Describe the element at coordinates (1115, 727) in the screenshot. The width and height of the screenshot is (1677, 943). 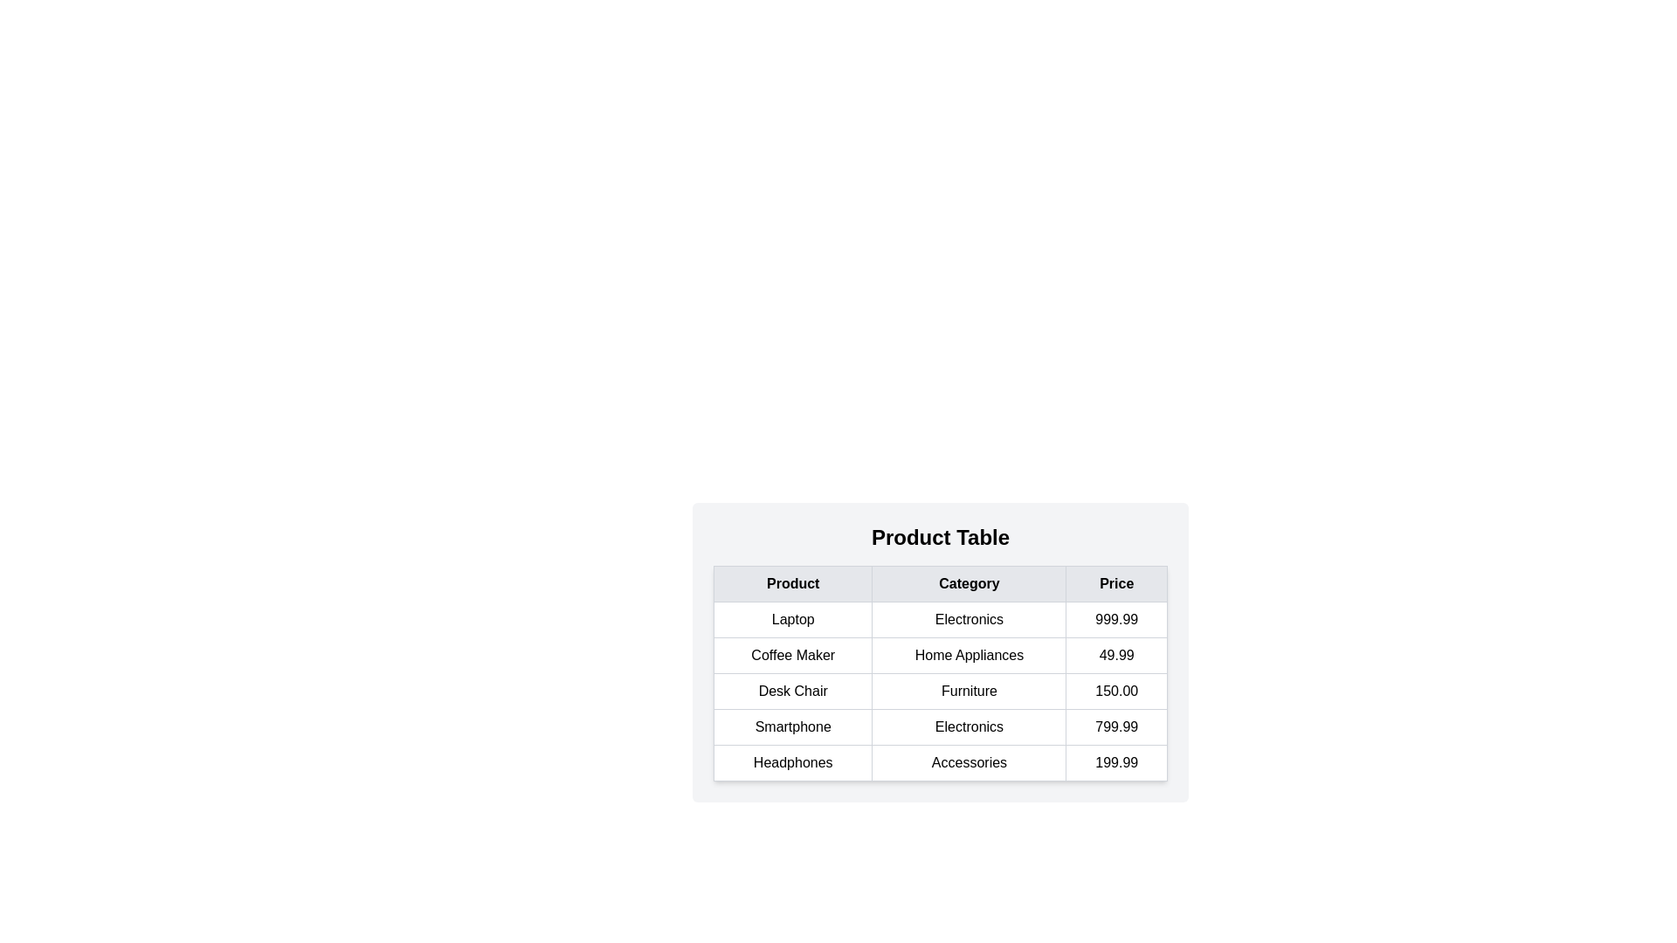
I see `the Text Label displaying the price for the 'Smartphone' product in the fourth row of the table, located in the 'Price' column` at that location.